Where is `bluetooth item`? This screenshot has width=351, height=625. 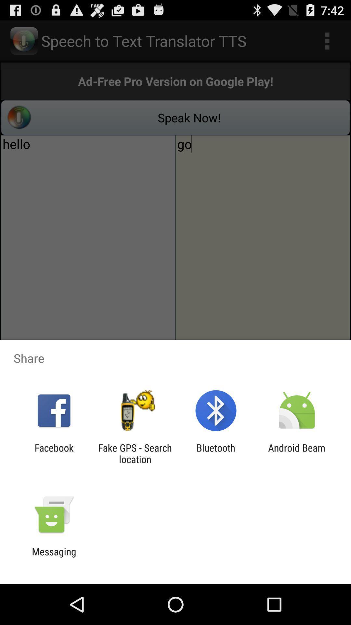 bluetooth item is located at coordinates (216, 453).